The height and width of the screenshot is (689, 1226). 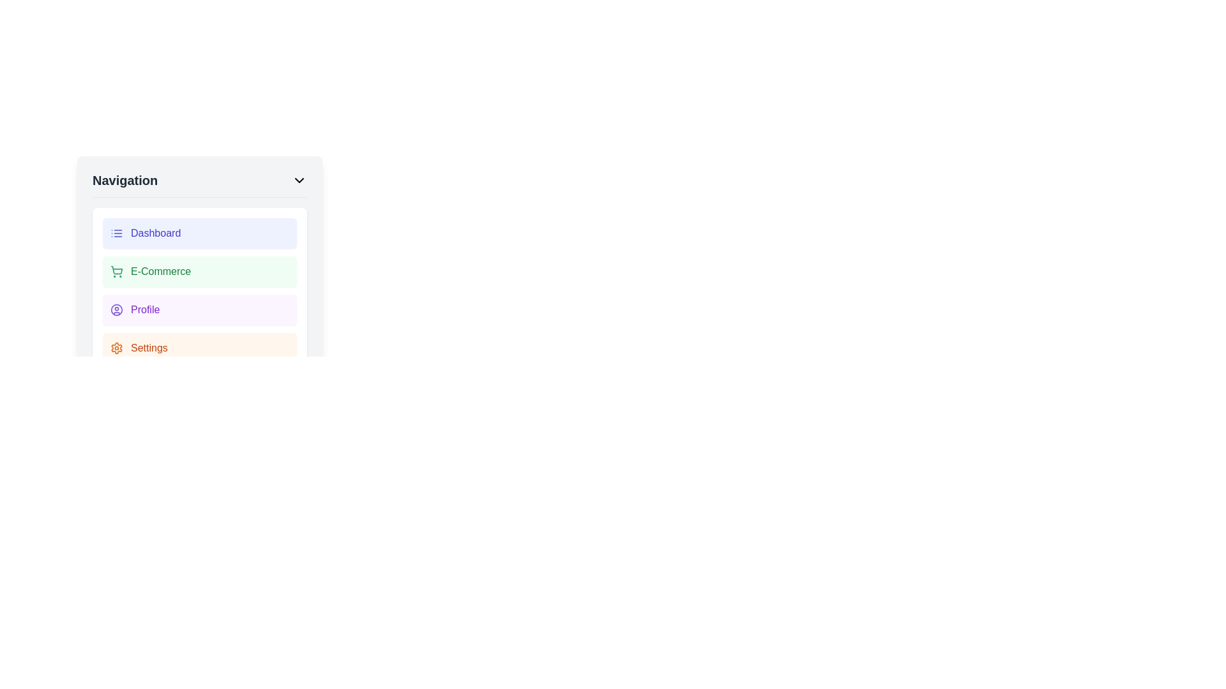 I want to click on the list icon located to the left of the 'Dashboard' text within the navigation section under the 'Navigation' title, so click(x=116, y=233).